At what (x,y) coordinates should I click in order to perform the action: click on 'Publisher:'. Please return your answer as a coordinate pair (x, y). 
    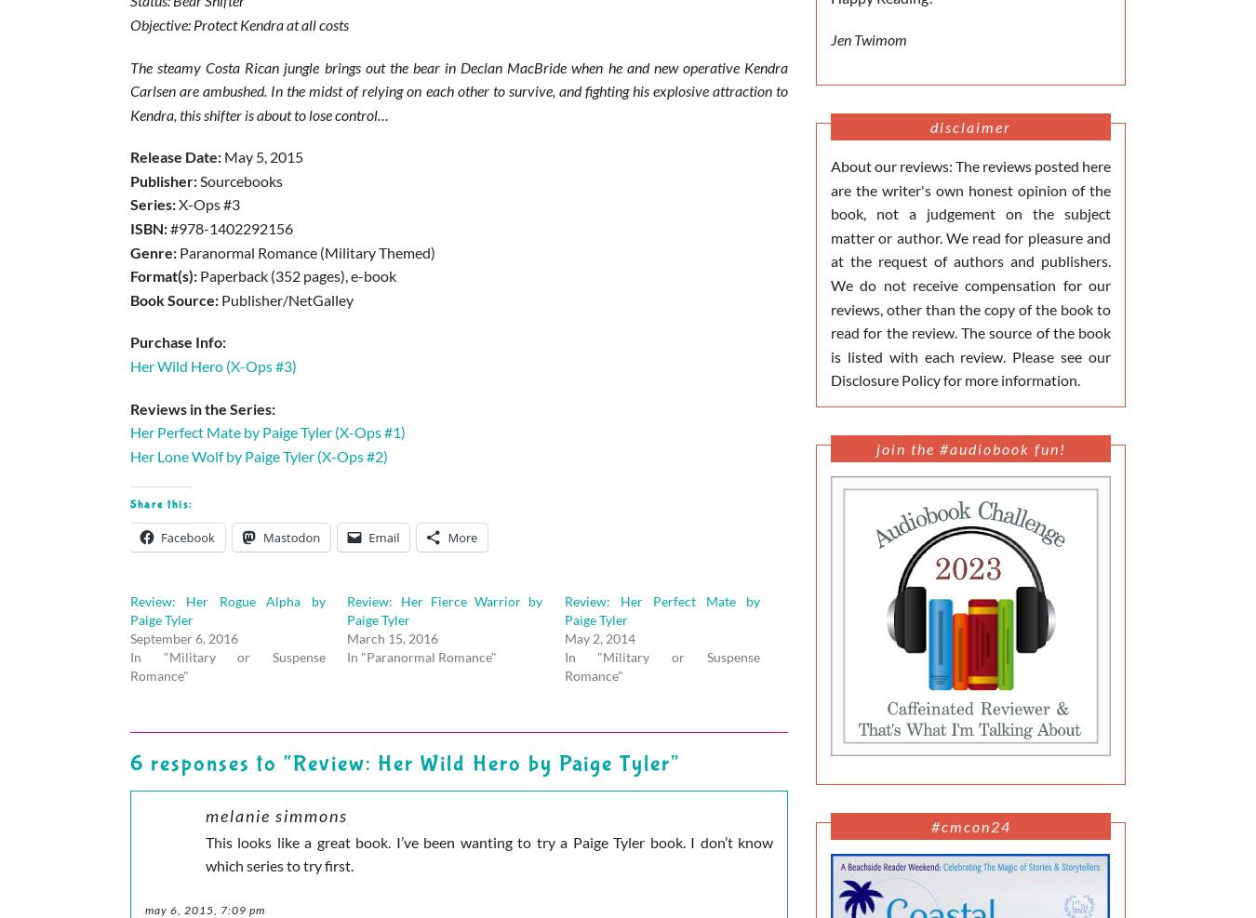
    Looking at the image, I should click on (165, 179).